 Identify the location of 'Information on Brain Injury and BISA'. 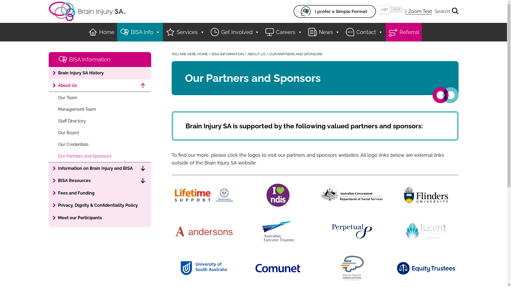
(100, 168).